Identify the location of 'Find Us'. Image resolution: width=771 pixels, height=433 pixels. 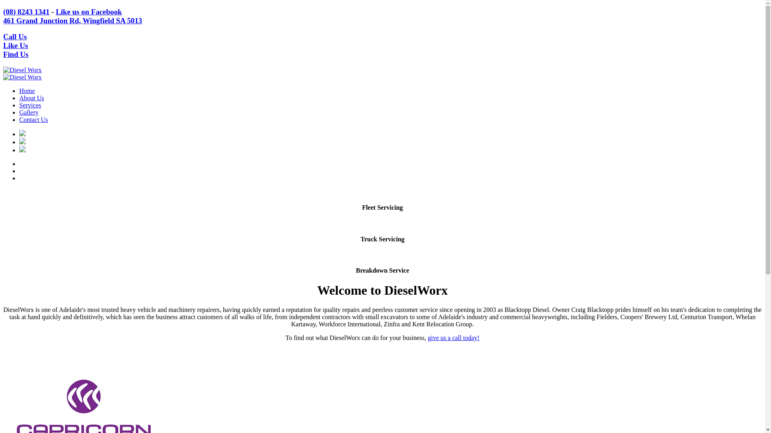
(16, 54).